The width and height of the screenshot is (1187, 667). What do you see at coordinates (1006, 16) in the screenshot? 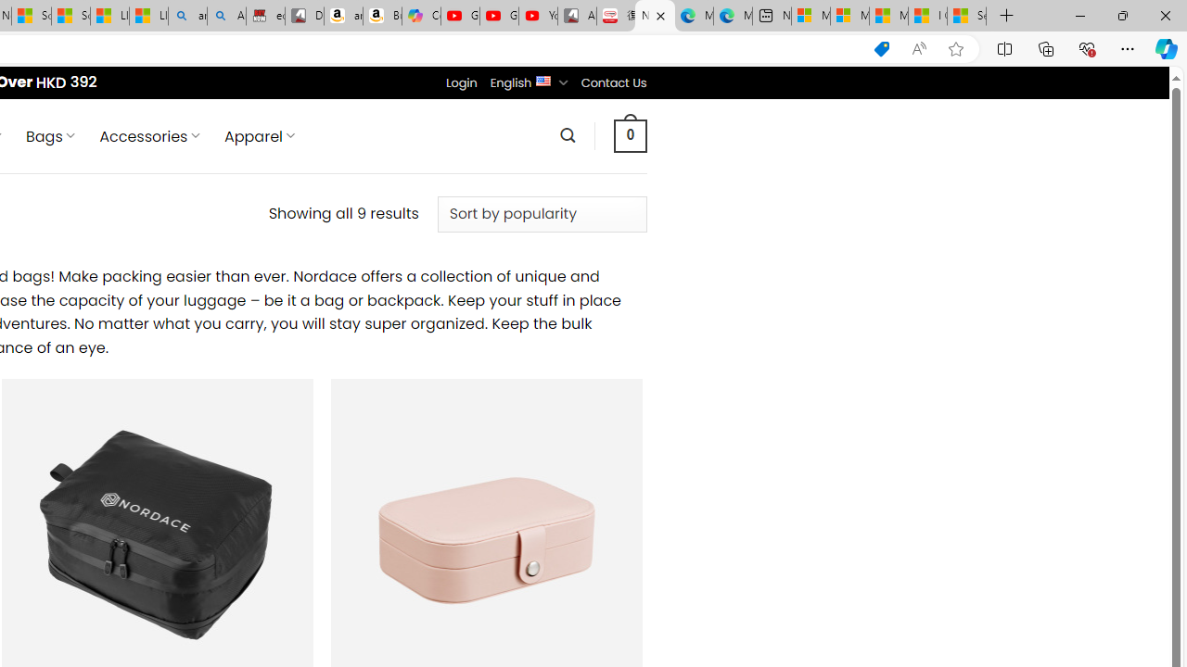
I see `'New Tab'` at bounding box center [1006, 16].